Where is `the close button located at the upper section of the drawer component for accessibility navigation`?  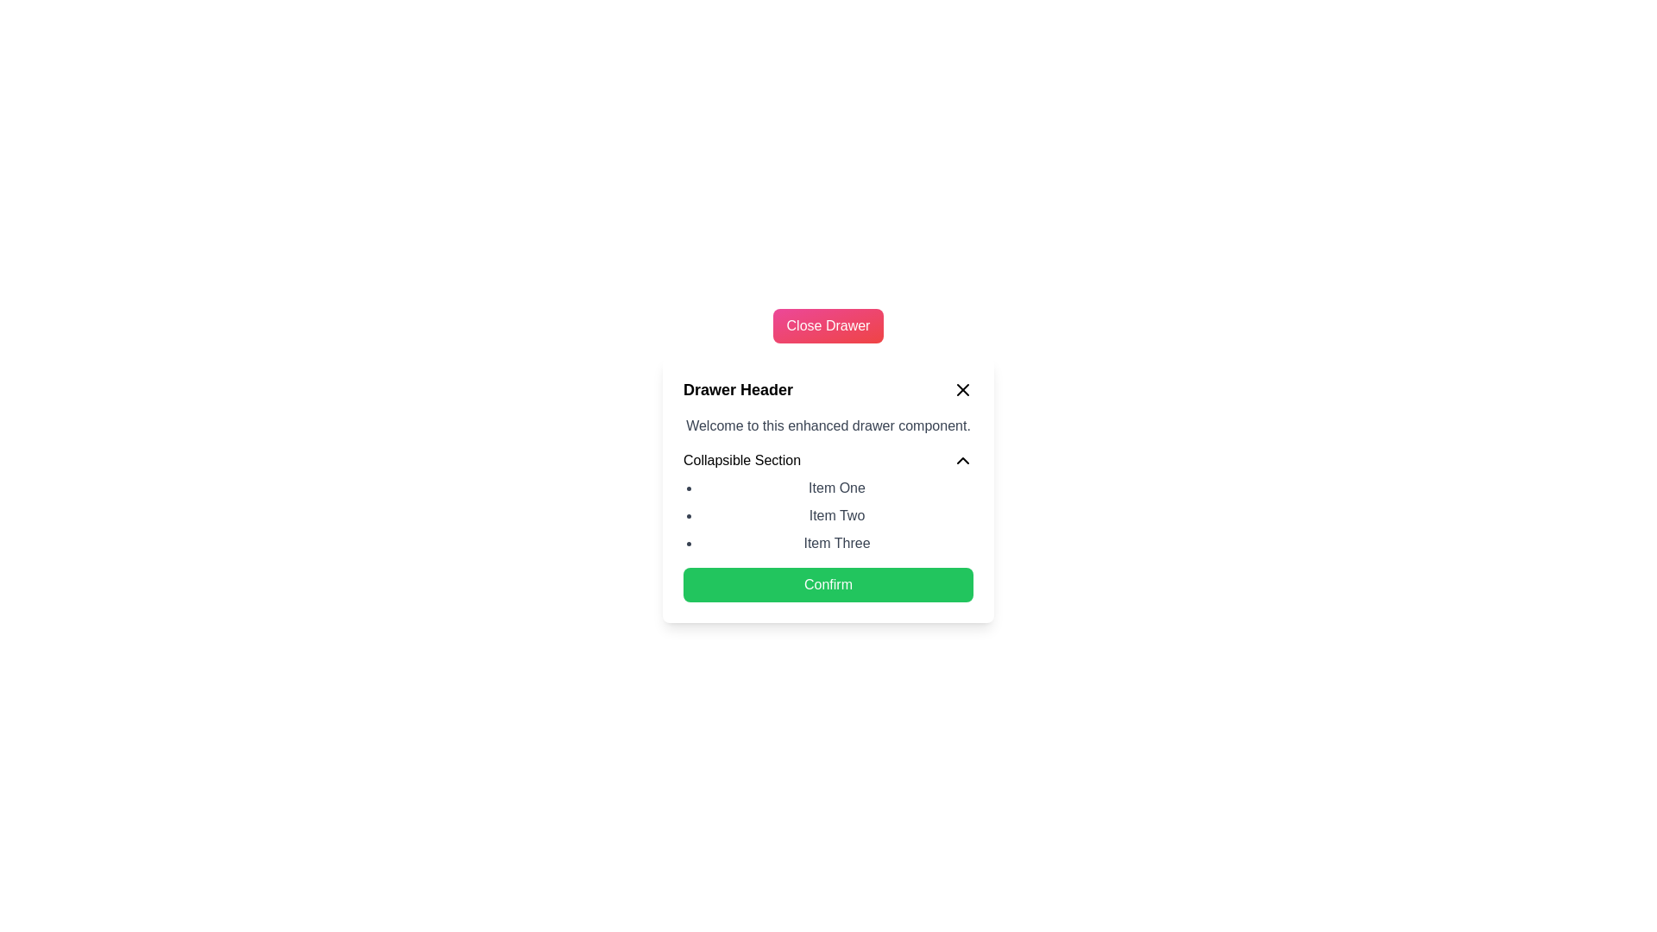 the close button located at the upper section of the drawer component for accessibility navigation is located at coordinates (828, 326).